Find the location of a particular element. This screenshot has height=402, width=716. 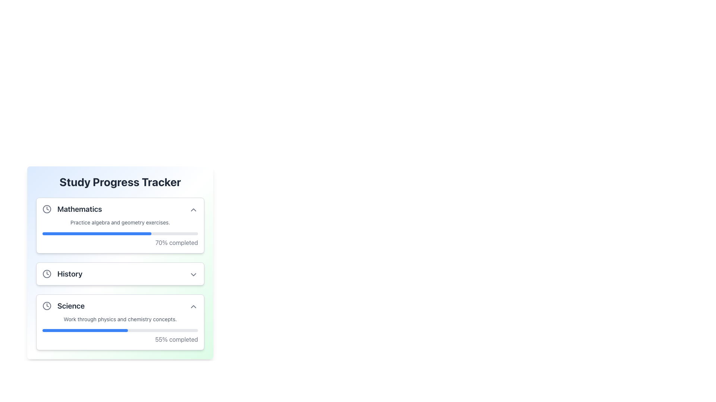

the clock icon located at the start of the 'History' section, adjacent to the title 'History', for informational purposes is located at coordinates (46, 274).